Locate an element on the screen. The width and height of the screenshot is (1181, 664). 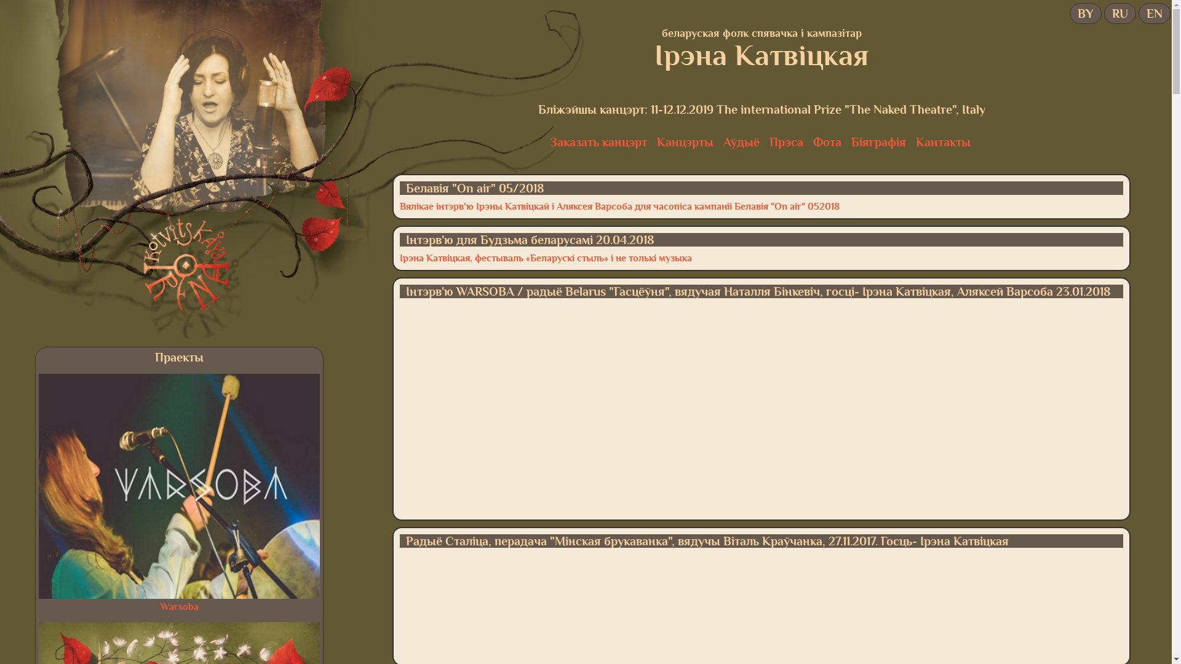
'BY' is located at coordinates (1086, 14).